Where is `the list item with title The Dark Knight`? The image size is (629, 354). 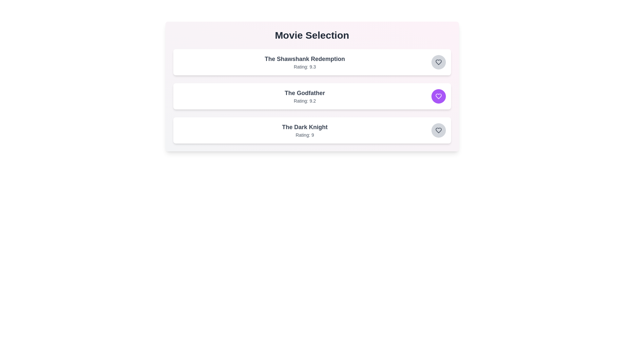 the list item with title The Dark Knight is located at coordinates (304, 127).